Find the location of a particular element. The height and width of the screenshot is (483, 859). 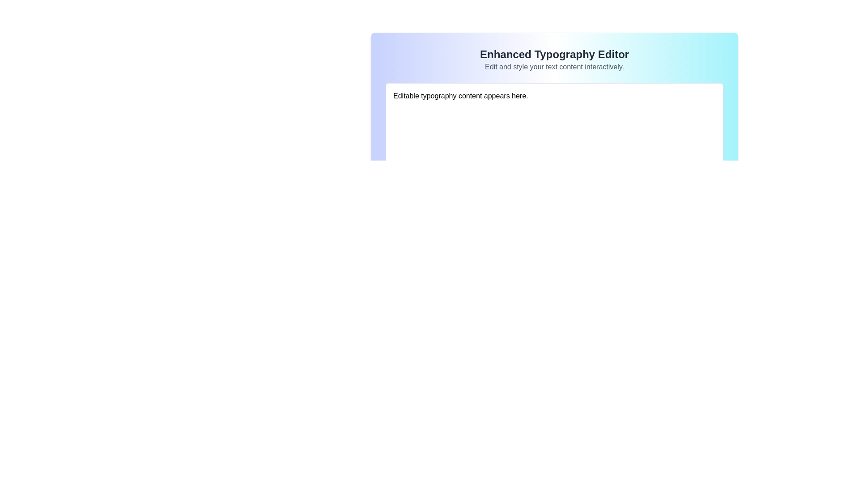

the text block displaying 'Enhanced Typography Editor' with the subheading 'Edit and style your text content interactively' is located at coordinates (554, 60).